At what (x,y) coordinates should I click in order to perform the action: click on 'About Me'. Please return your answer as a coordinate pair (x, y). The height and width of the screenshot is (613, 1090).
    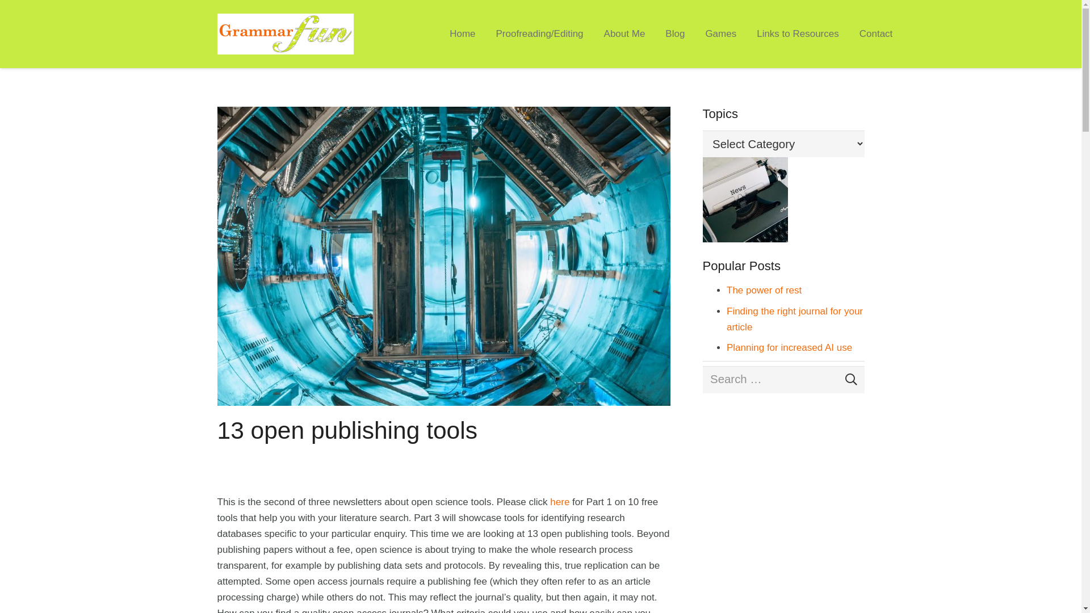
    Looking at the image, I should click on (624, 33).